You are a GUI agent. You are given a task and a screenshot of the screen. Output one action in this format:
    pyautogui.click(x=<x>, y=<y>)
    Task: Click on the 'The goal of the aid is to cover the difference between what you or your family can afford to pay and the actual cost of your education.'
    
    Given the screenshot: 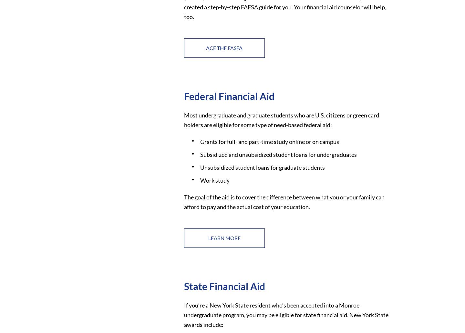 What is the action you would take?
    pyautogui.click(x=284, y=201)
    